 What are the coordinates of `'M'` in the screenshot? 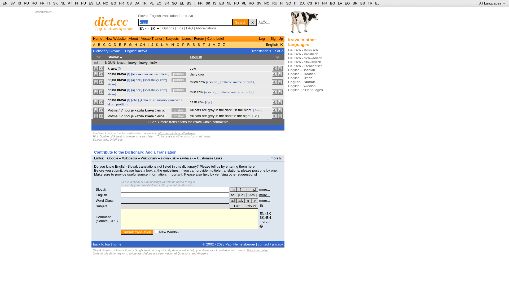 It's located at (164, 44).